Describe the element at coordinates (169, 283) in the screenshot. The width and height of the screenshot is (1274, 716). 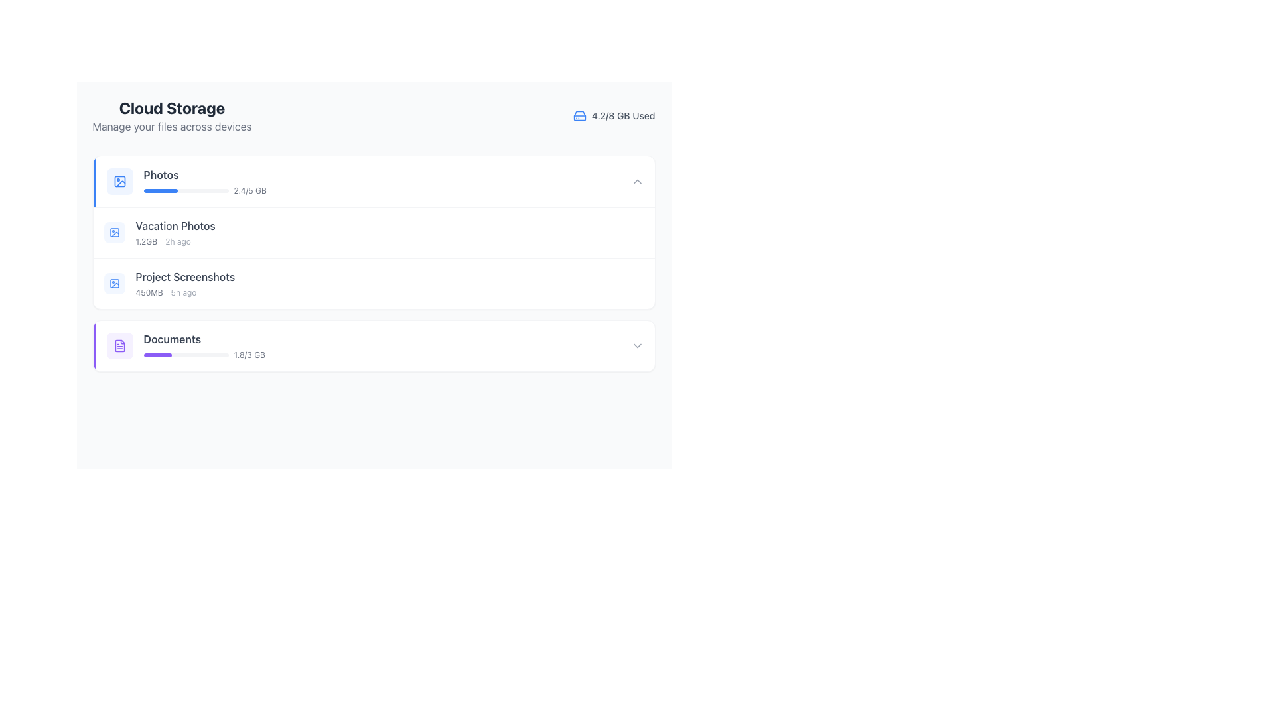
I see `to select the interactive list item representing 'Project Screenshots', which is the third item in the vertical list of storage items` at that location.